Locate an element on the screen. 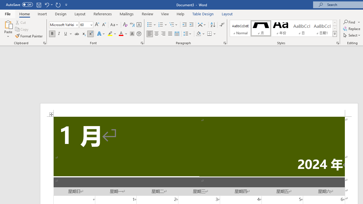  'Cut' is located at coordinates (21, 22).